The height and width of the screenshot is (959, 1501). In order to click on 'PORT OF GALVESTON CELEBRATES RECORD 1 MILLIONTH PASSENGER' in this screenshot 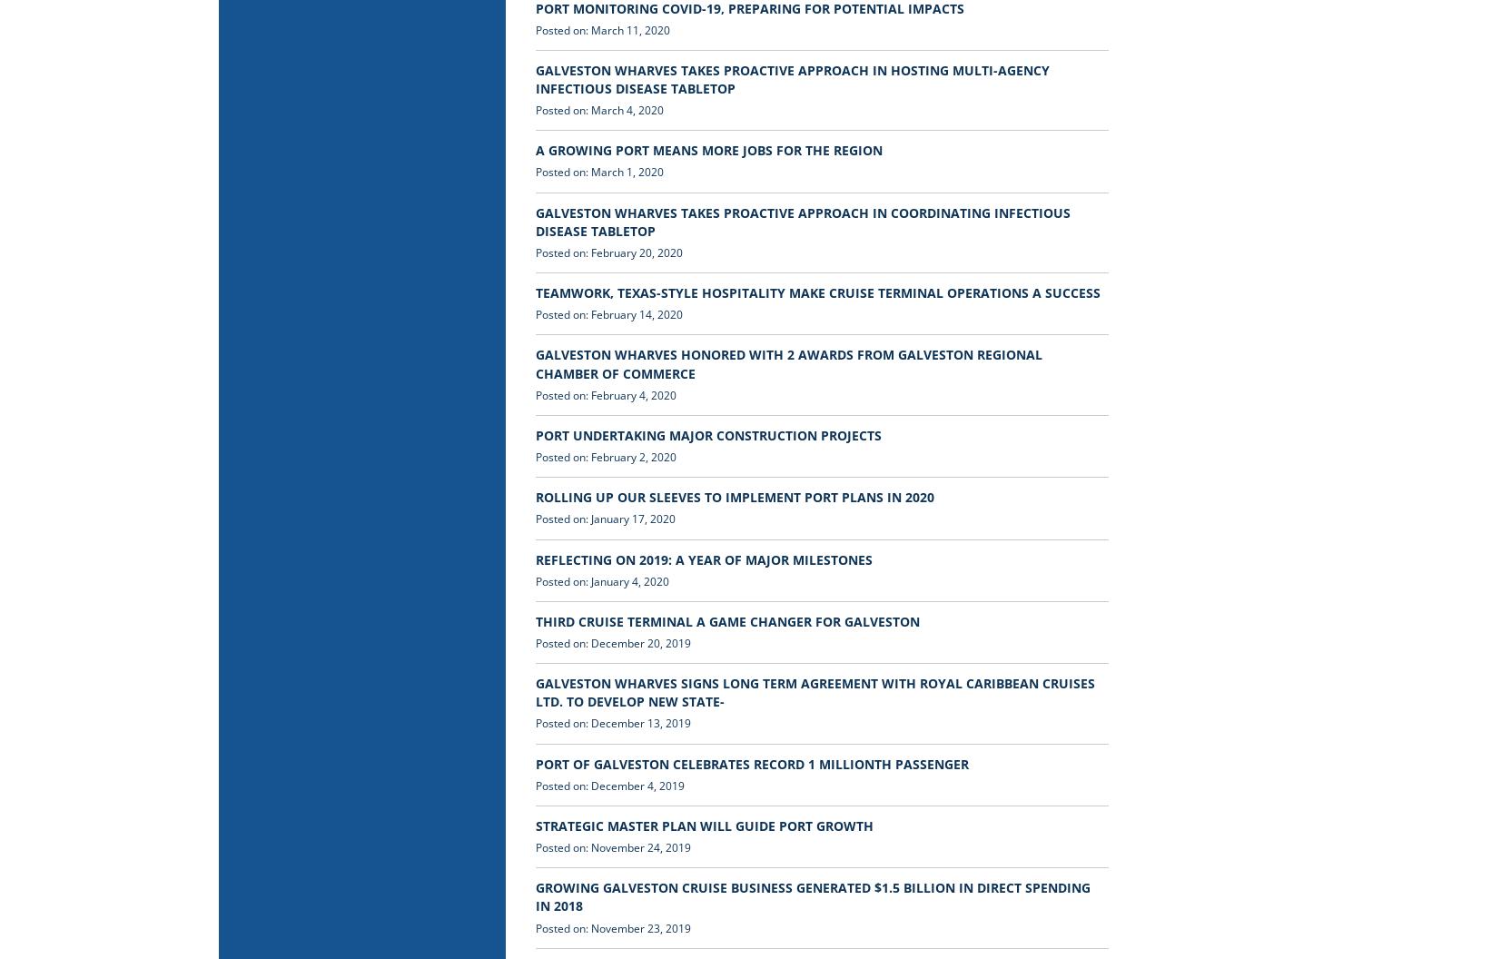, I will do `click(752, 763)`.